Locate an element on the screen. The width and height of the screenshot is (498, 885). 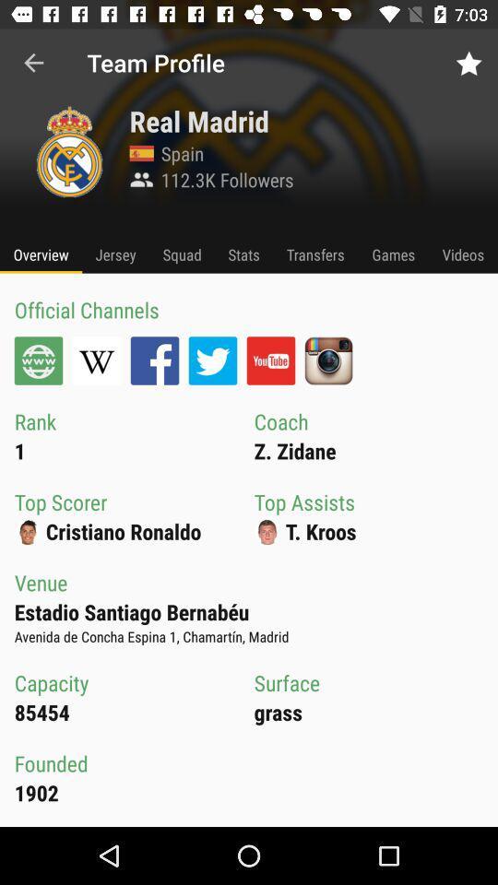
instagram is located at coordinates (327, 360).